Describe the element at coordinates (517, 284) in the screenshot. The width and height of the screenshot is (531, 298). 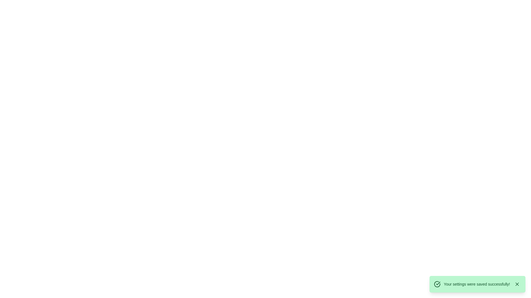
I see `the small green 'X' icon located at the bottom-right corner of the green success message box` at that location.